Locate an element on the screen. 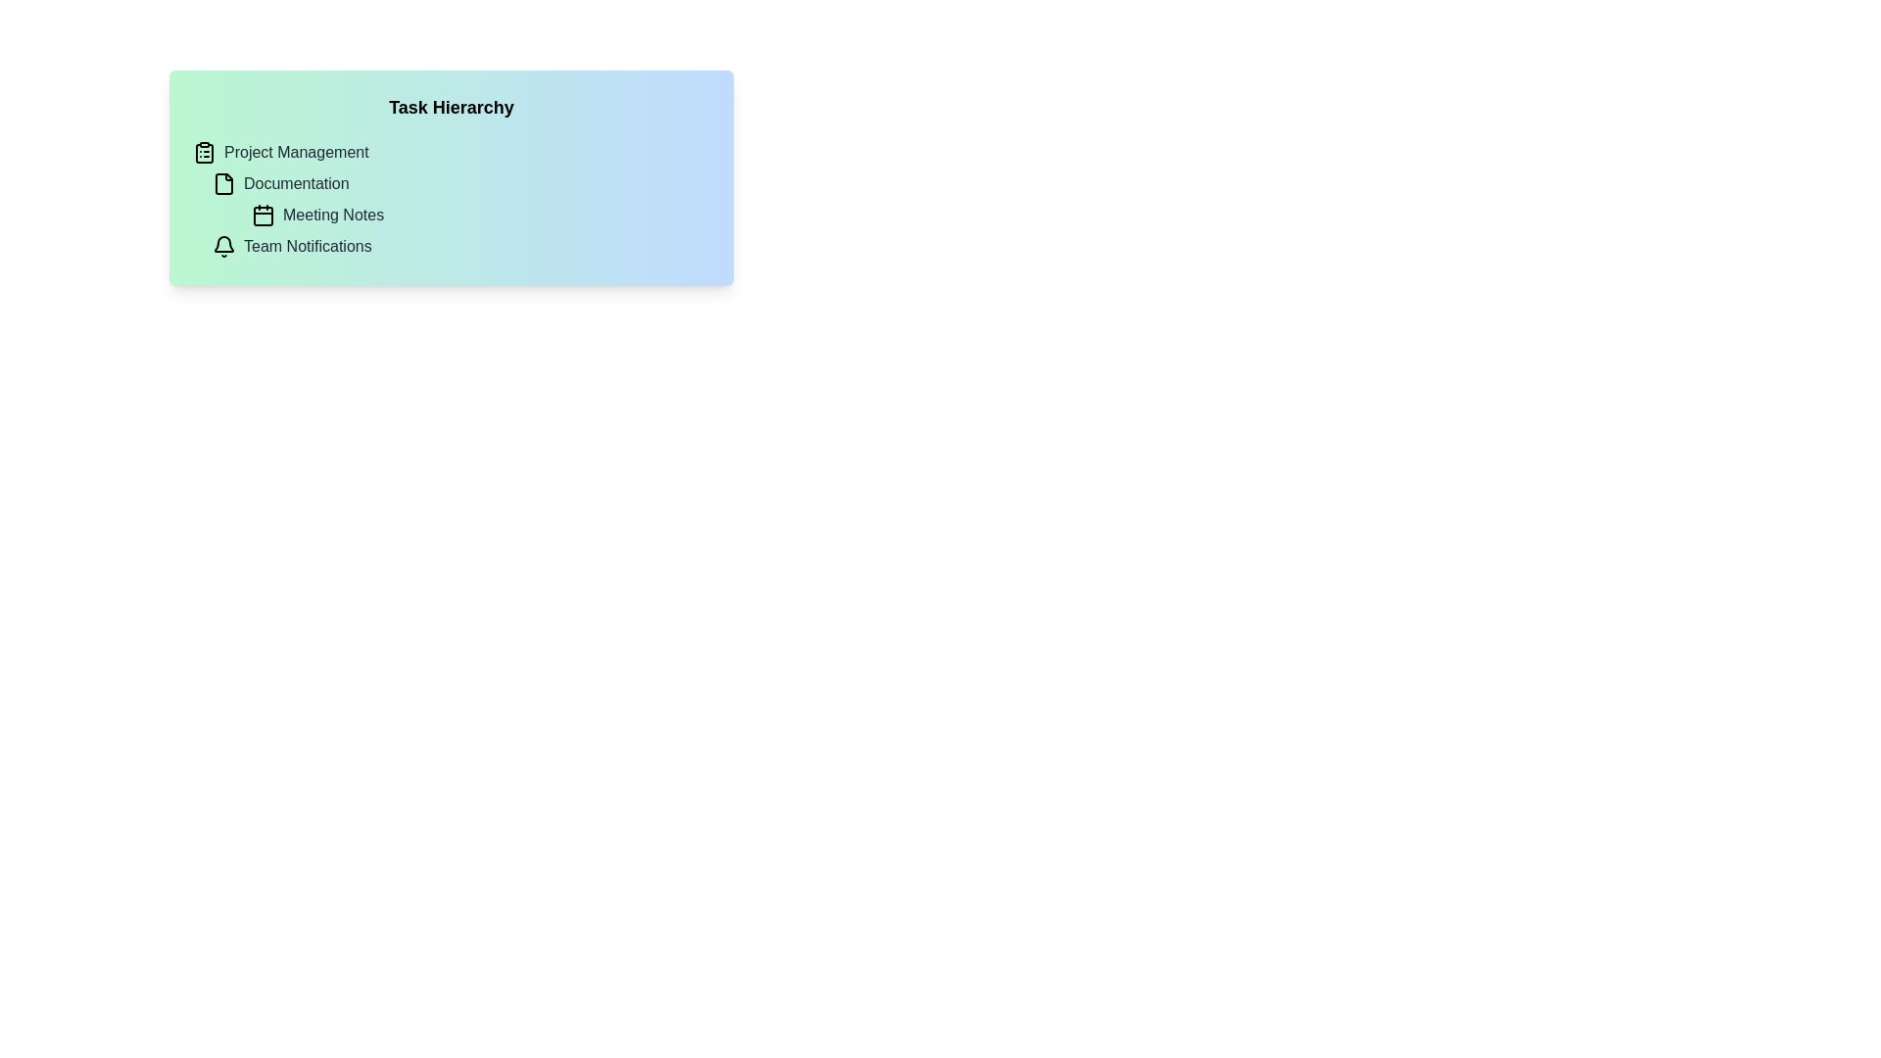 Image resolution: width=1881 pixels, height=1058 pixels. the top arc segment of the bell icon, which represents notifications, located next to the 'Team Notifications' text is located at coordinates (224, 243).